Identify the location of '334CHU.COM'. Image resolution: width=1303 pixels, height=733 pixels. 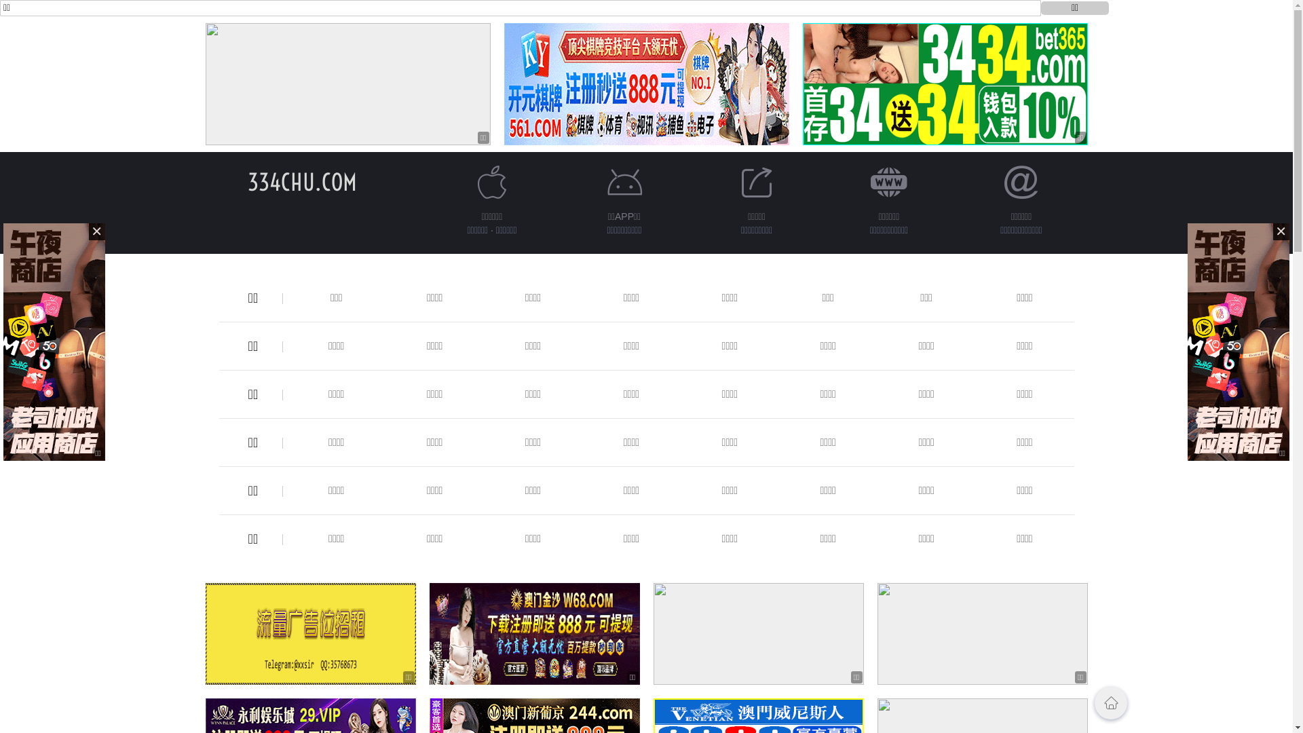
(301, 181).